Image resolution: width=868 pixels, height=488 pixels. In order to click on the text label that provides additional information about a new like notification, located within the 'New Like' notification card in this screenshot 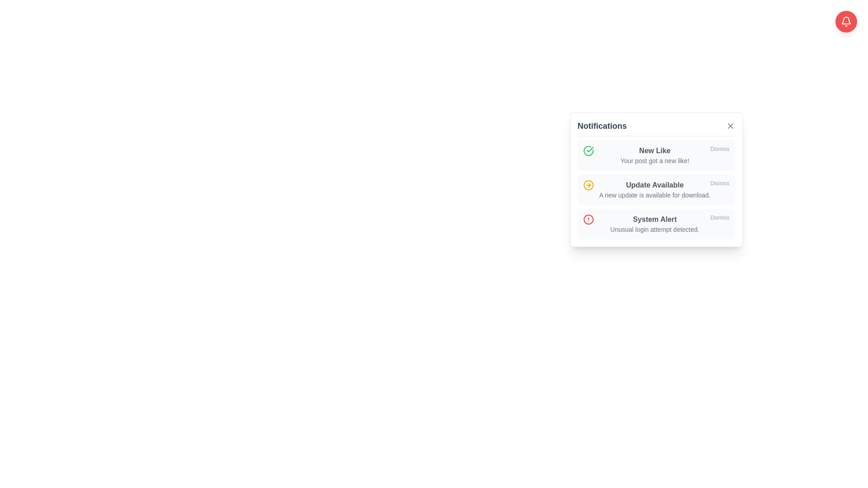, I will do `click(655, 160)`.